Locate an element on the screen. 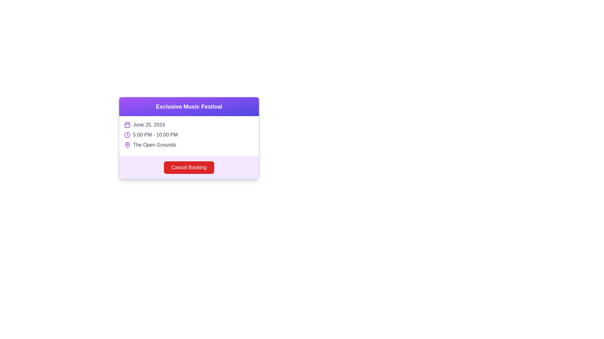 This screenshot has width=604, height=339. the calendar icon which is a purple square outline with rounded corners, located next to the text 'June 25, 2024', positioned below the header 'Exclusive Music Festival' is located at coordinates (127, 125).